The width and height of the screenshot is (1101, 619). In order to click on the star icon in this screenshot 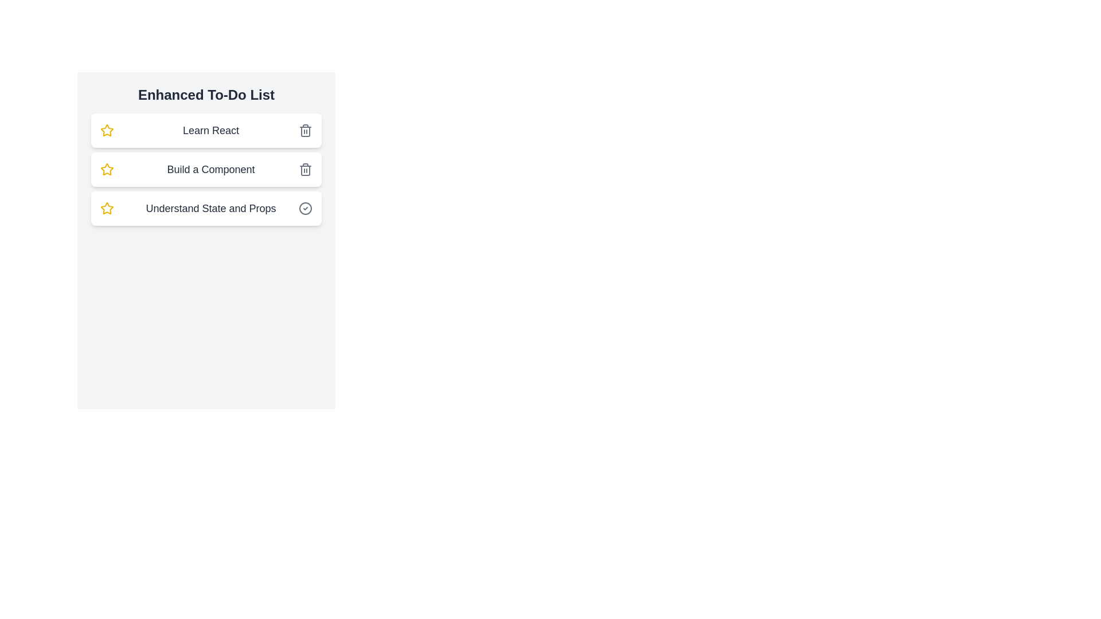, I will do `click(107, 130)`.